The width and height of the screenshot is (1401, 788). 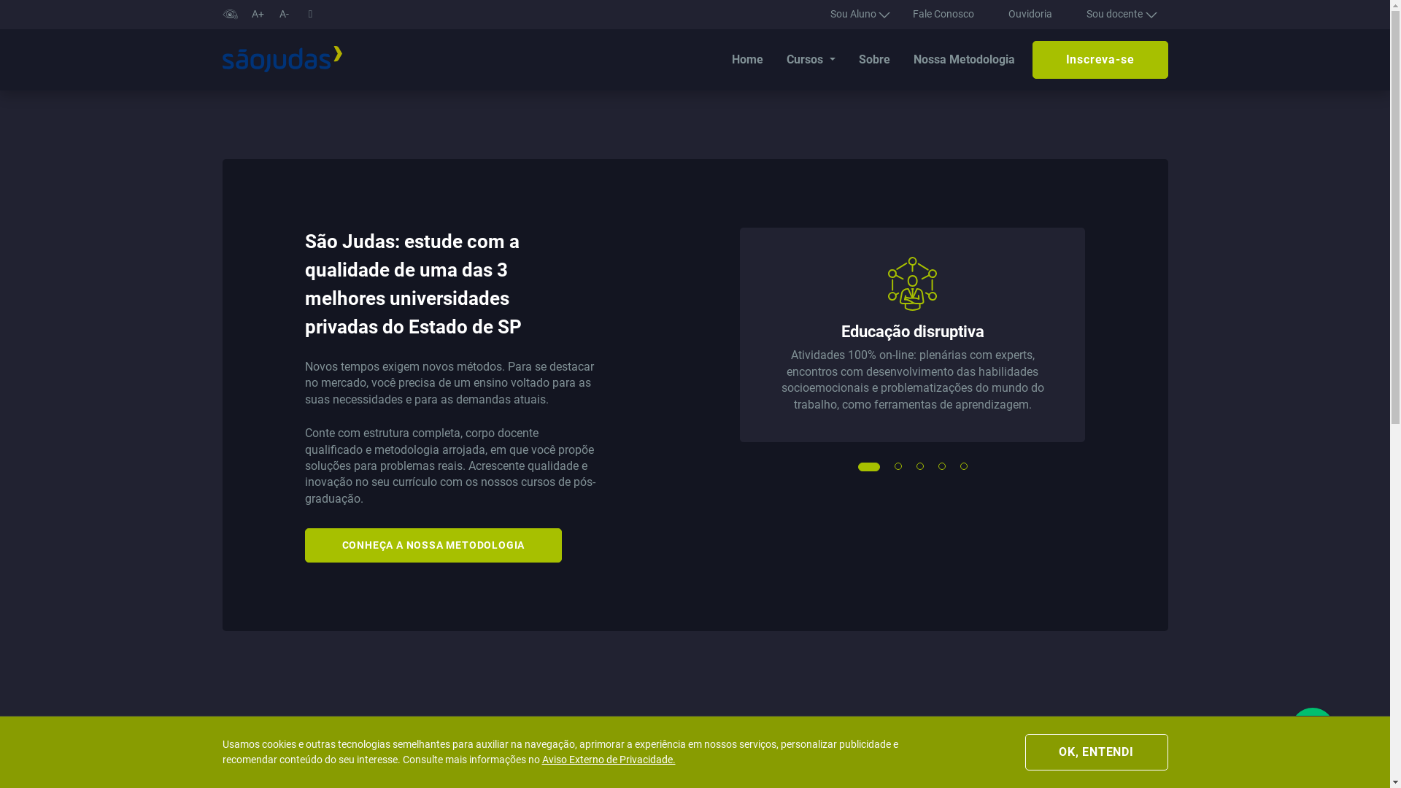 I want to click on 'Ouvidoria', so click(x=1029, y=14).